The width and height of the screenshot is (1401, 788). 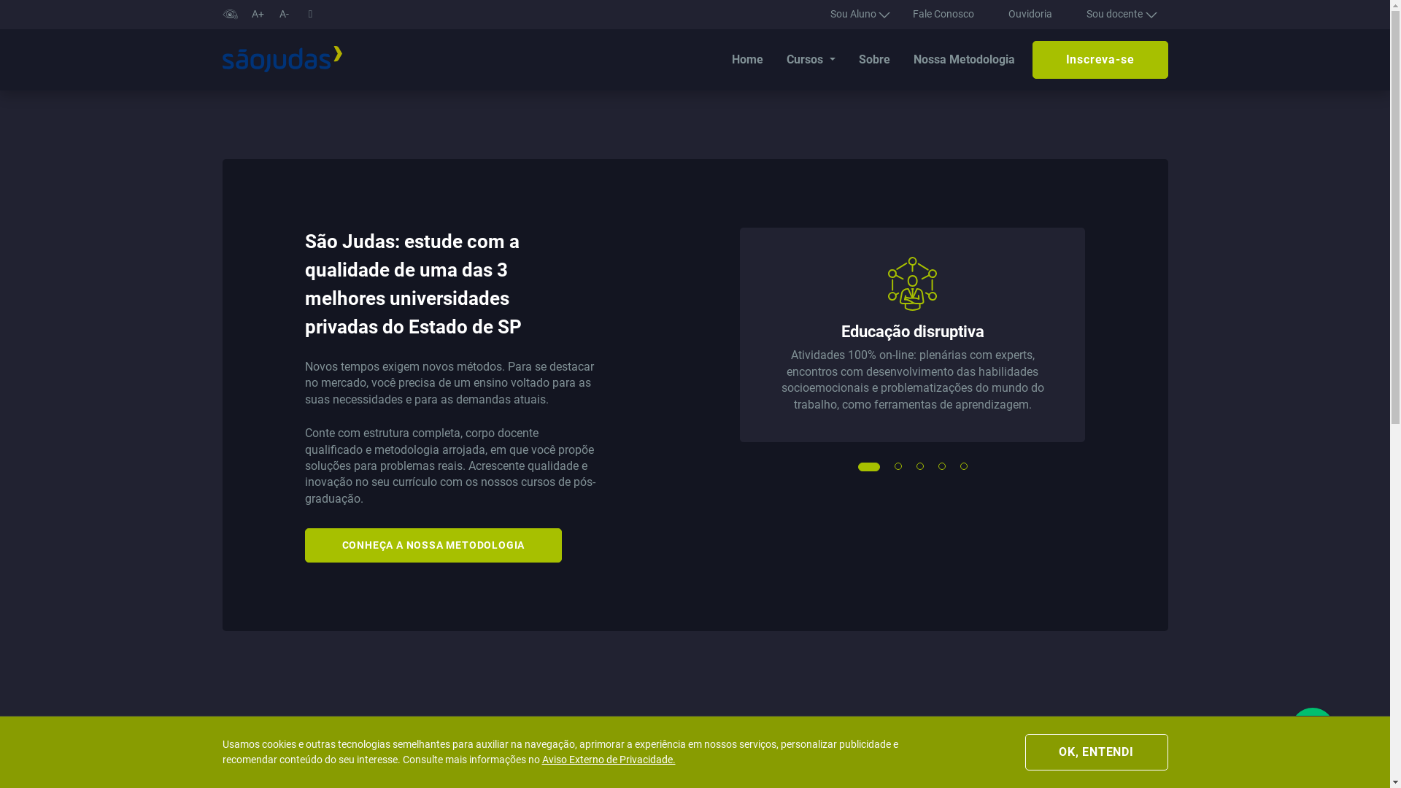 I want to click on 'Ouvidoria', so click(x=1029, y=14).